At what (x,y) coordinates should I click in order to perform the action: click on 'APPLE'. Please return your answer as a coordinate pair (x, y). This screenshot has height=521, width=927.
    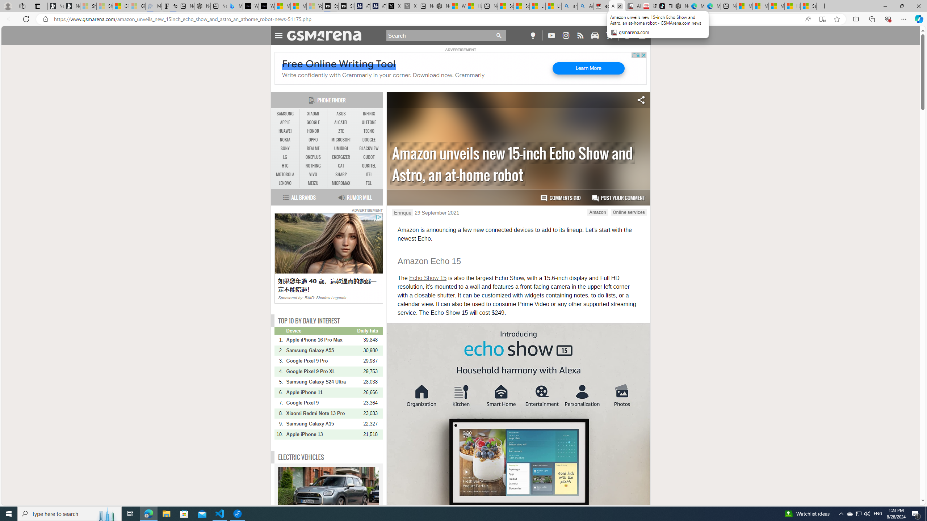
    Looking at the image, I should click on (285, 122).